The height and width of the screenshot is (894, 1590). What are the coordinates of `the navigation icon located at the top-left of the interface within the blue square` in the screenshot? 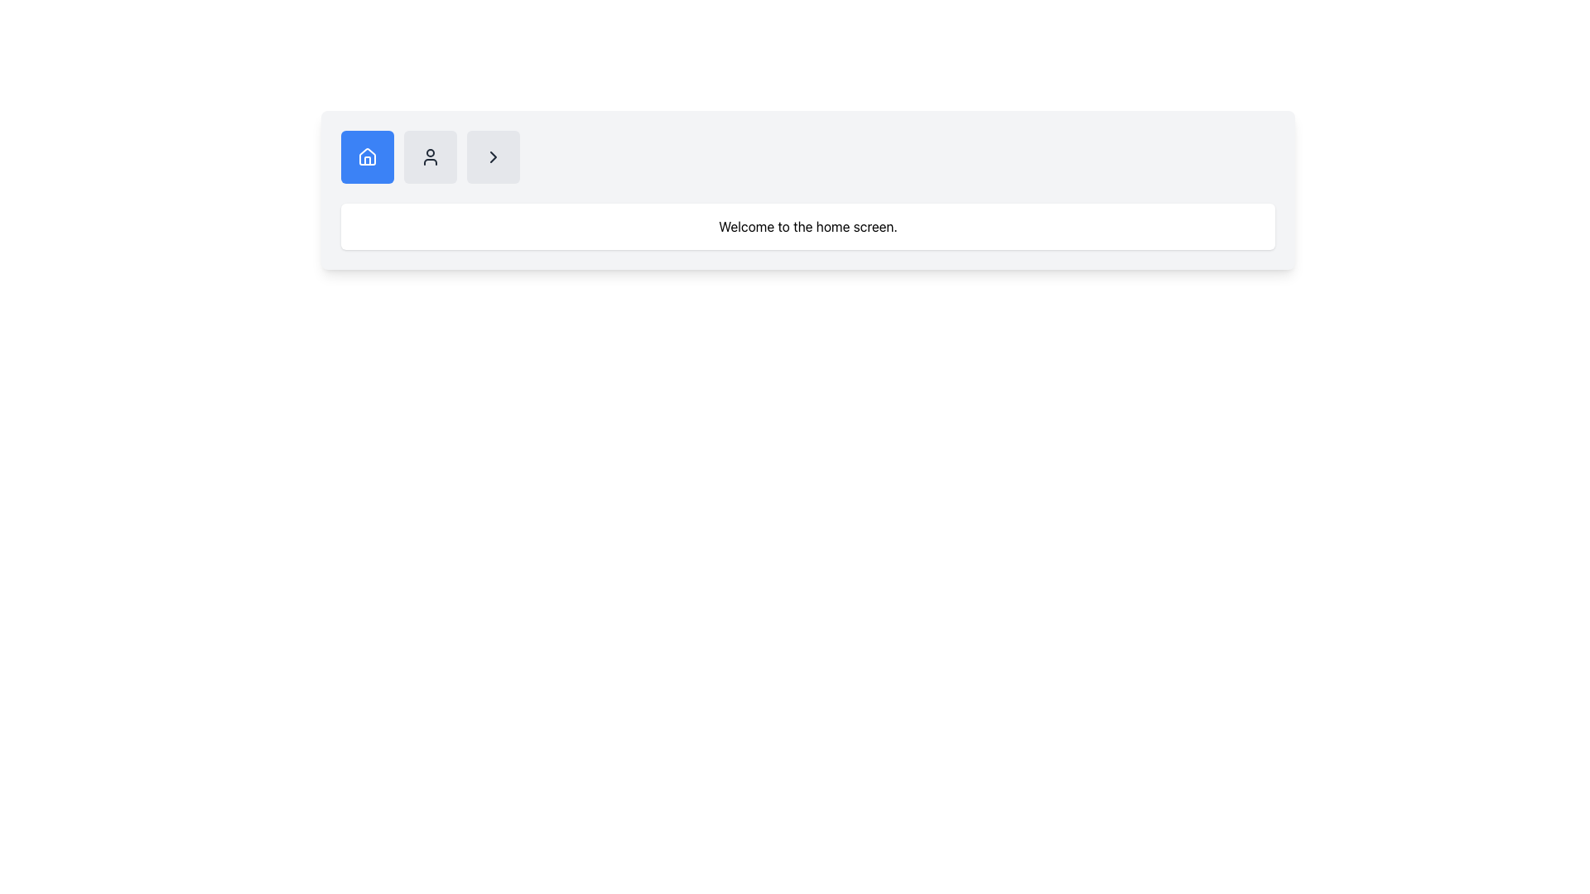 It's located at (367, 156).